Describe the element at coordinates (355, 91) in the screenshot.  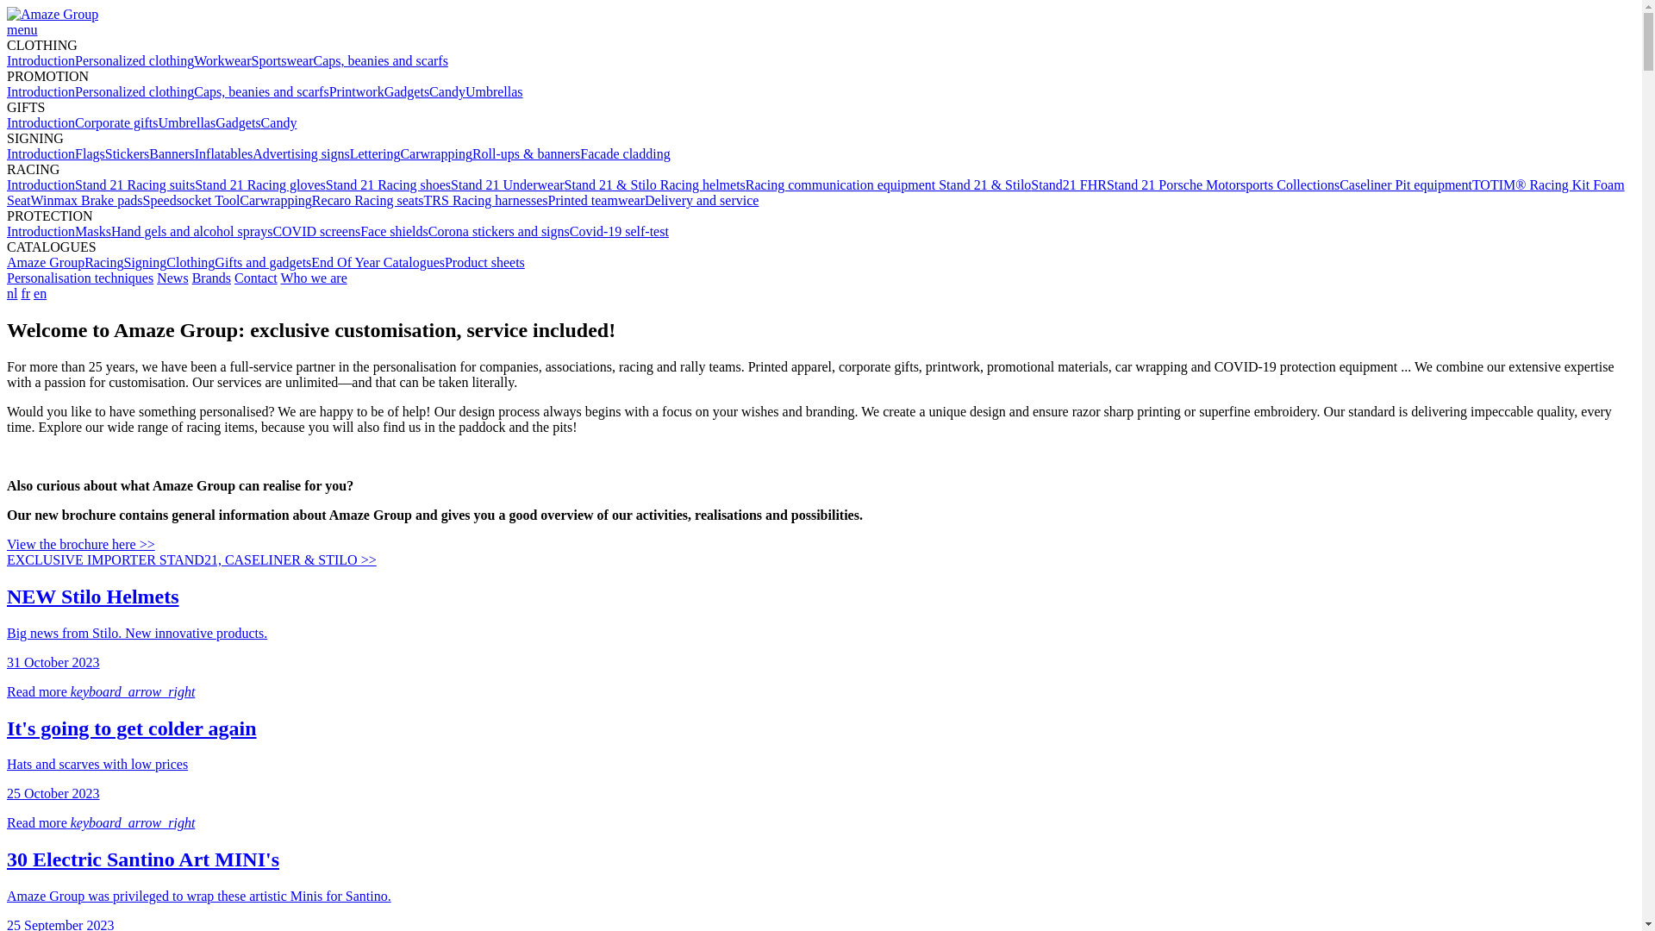
I see `'Printwork'` at that location.